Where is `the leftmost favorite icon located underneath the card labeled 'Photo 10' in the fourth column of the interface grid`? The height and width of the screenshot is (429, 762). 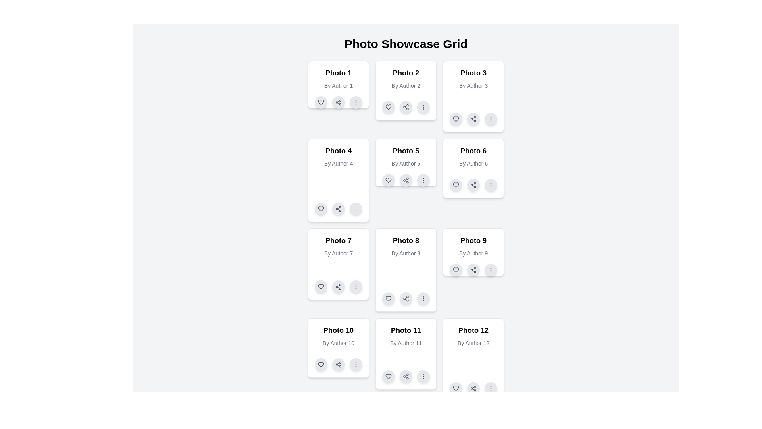
the leftmost favorite icon located underneath the card labeled 'Photo 10' in the fourth column of the interface grid is located at coordinates (321, 365).